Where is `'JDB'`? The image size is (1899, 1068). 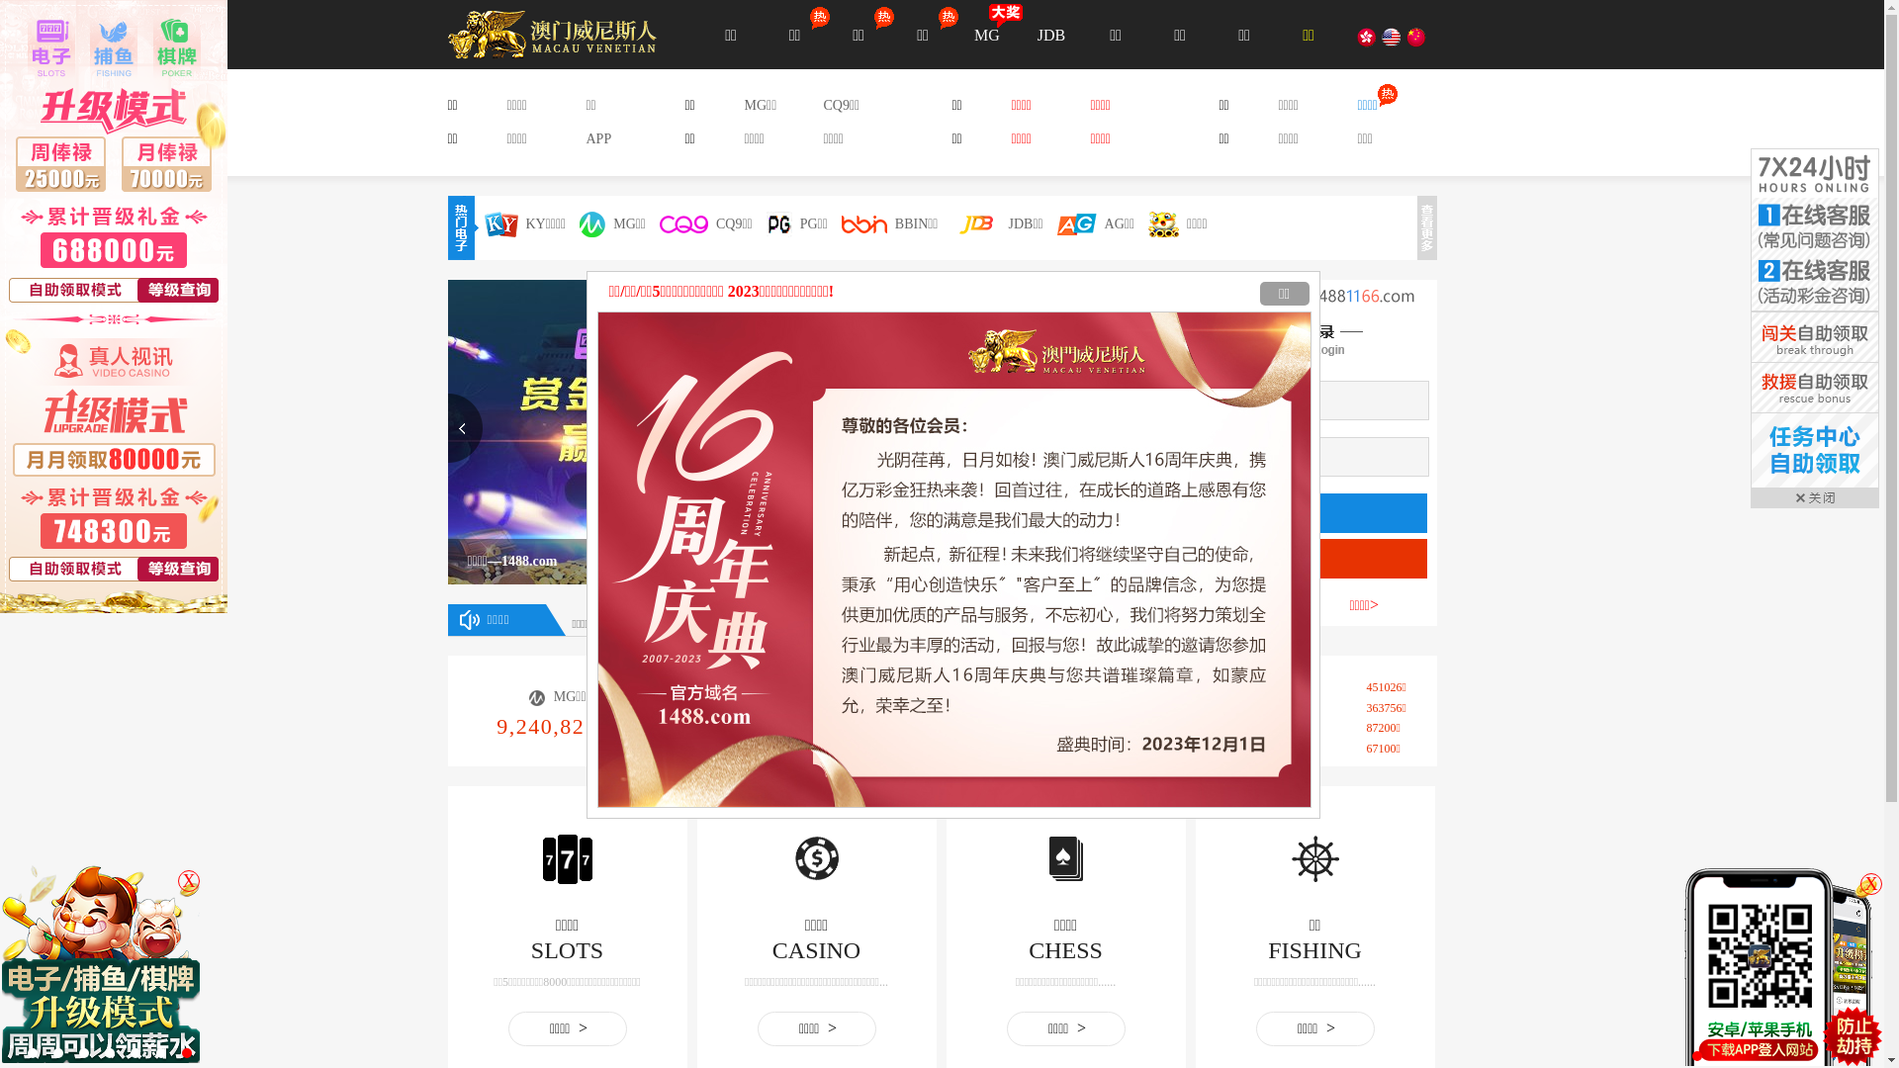 'JDB' is located at coordinates (1049, 34).